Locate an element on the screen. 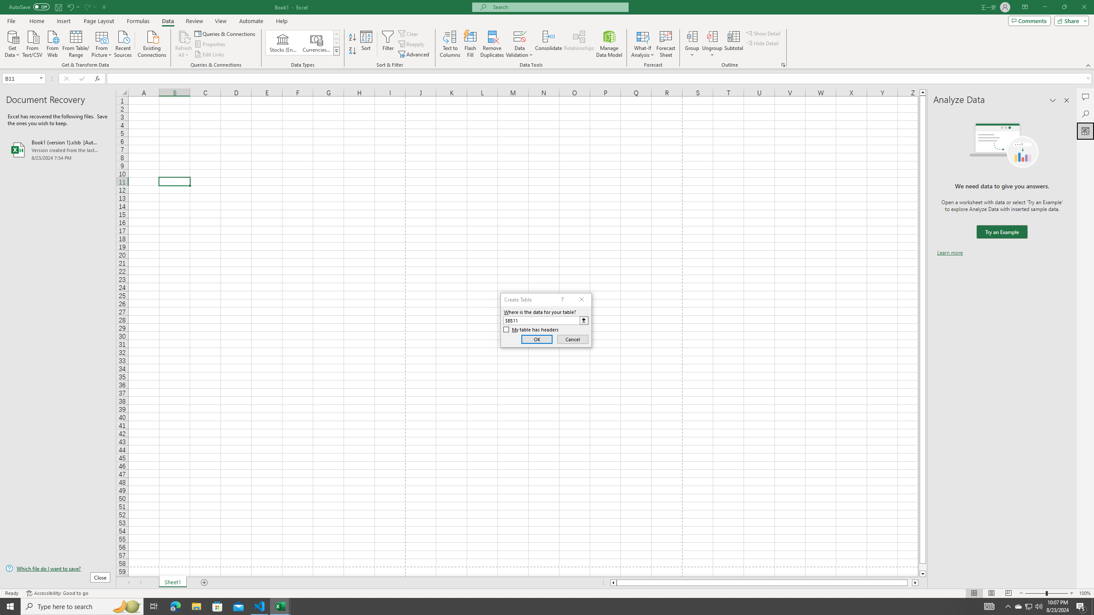  'Get Data' is located at coordinates (12, 43).